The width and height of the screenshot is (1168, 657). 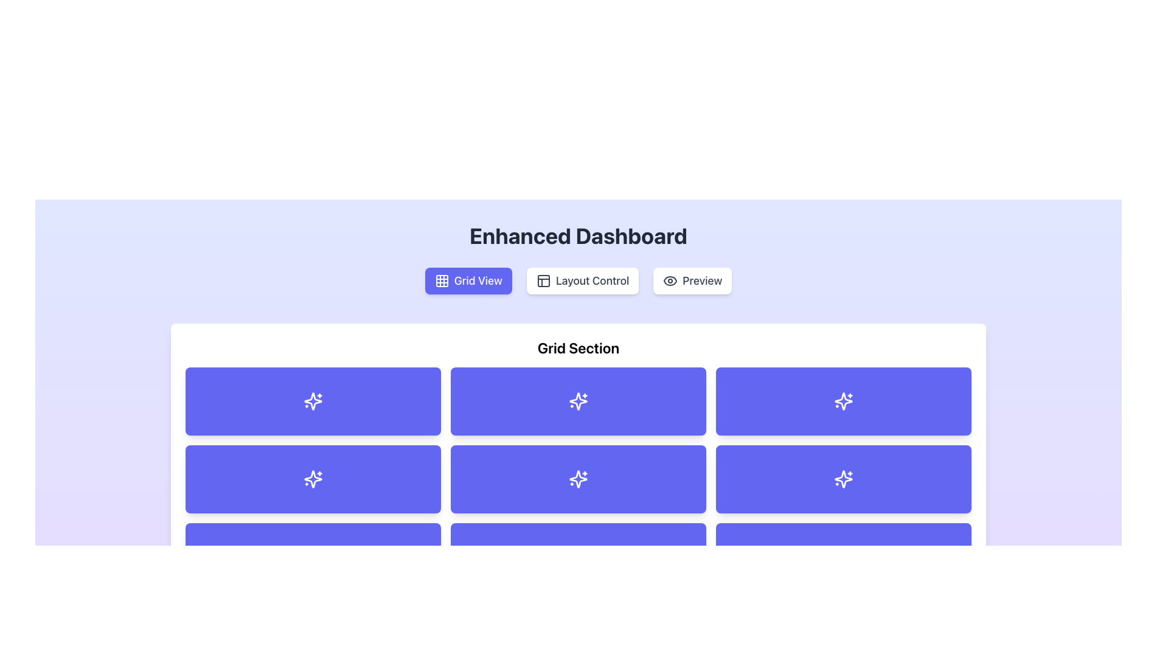 What do you see at coordinates (313, 401) in the screenshot?
I see `the decorative icon centered within the first card of the top row in the 'Grid Section'` at bounding box center [313, 401].